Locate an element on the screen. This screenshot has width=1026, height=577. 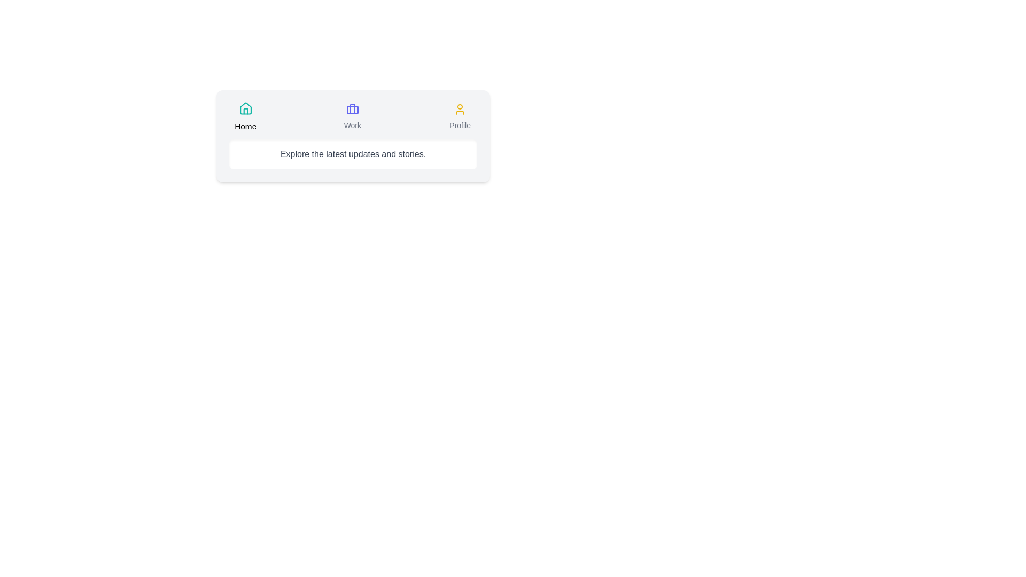
the Work tab to switch to it is located at coordinates (352, 117).